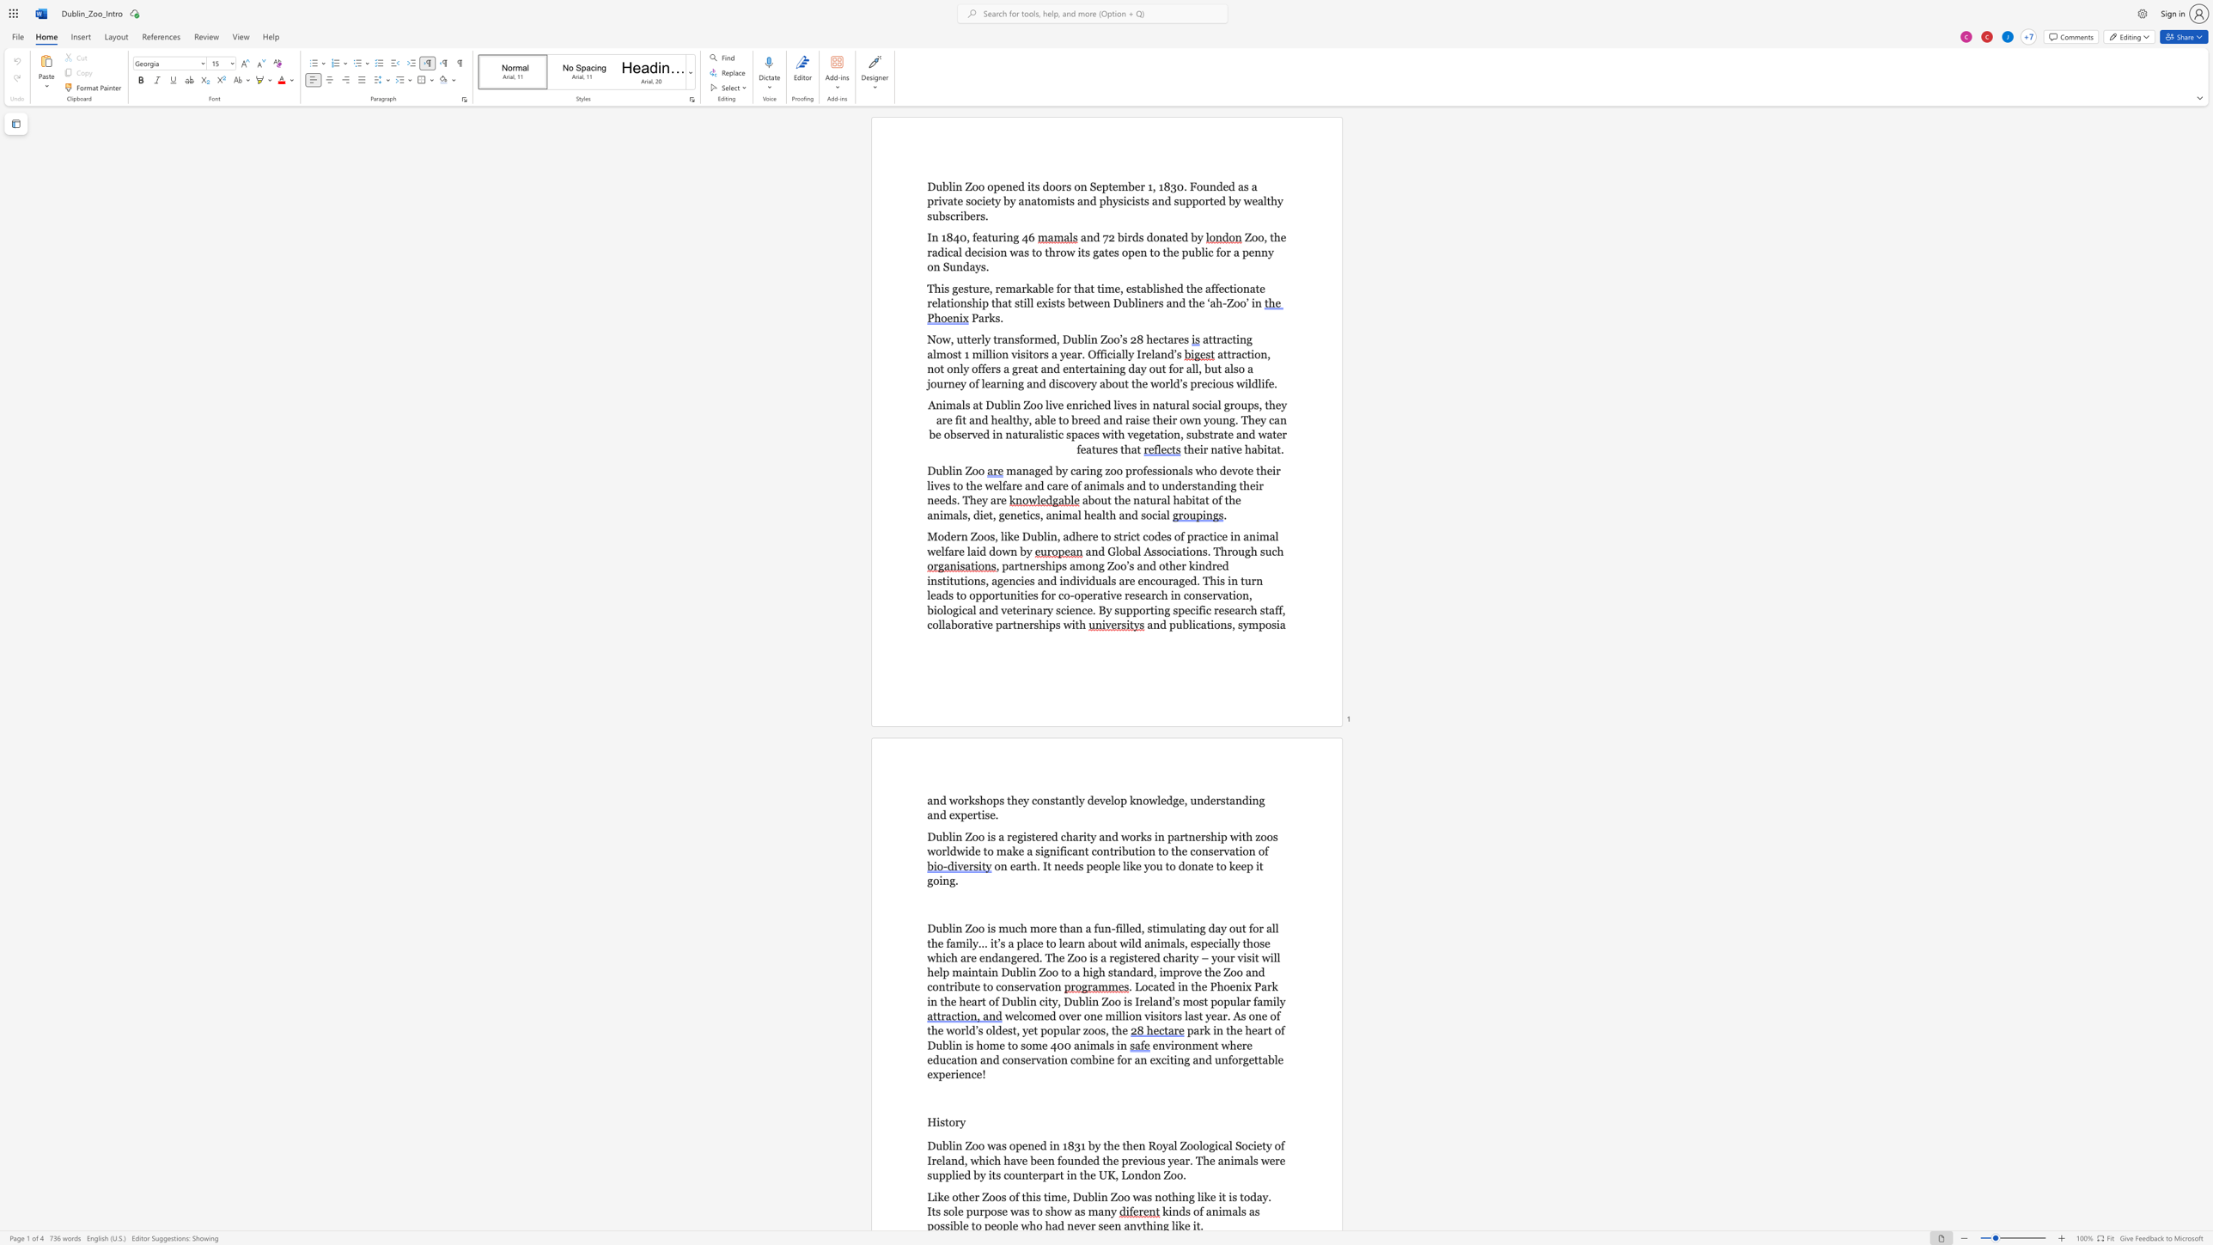 The width and height of the screenshot is (2213, 1245). What do you see at coordinates (993, 536) in the screenshot?
I see `the space between the continuous character "s" and "," in the text` at bounding box center [993, 536].